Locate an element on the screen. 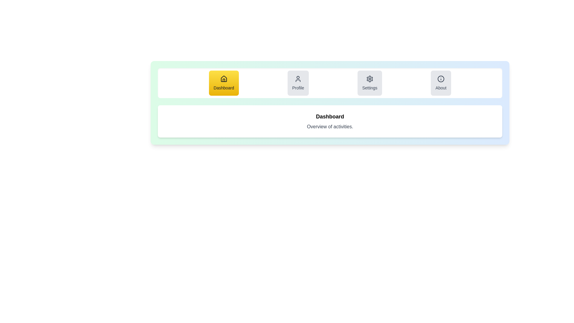 The height and width of the screenshot is (323, 574). the tab button corresponding to Profile is located at coordinates (298, 83).